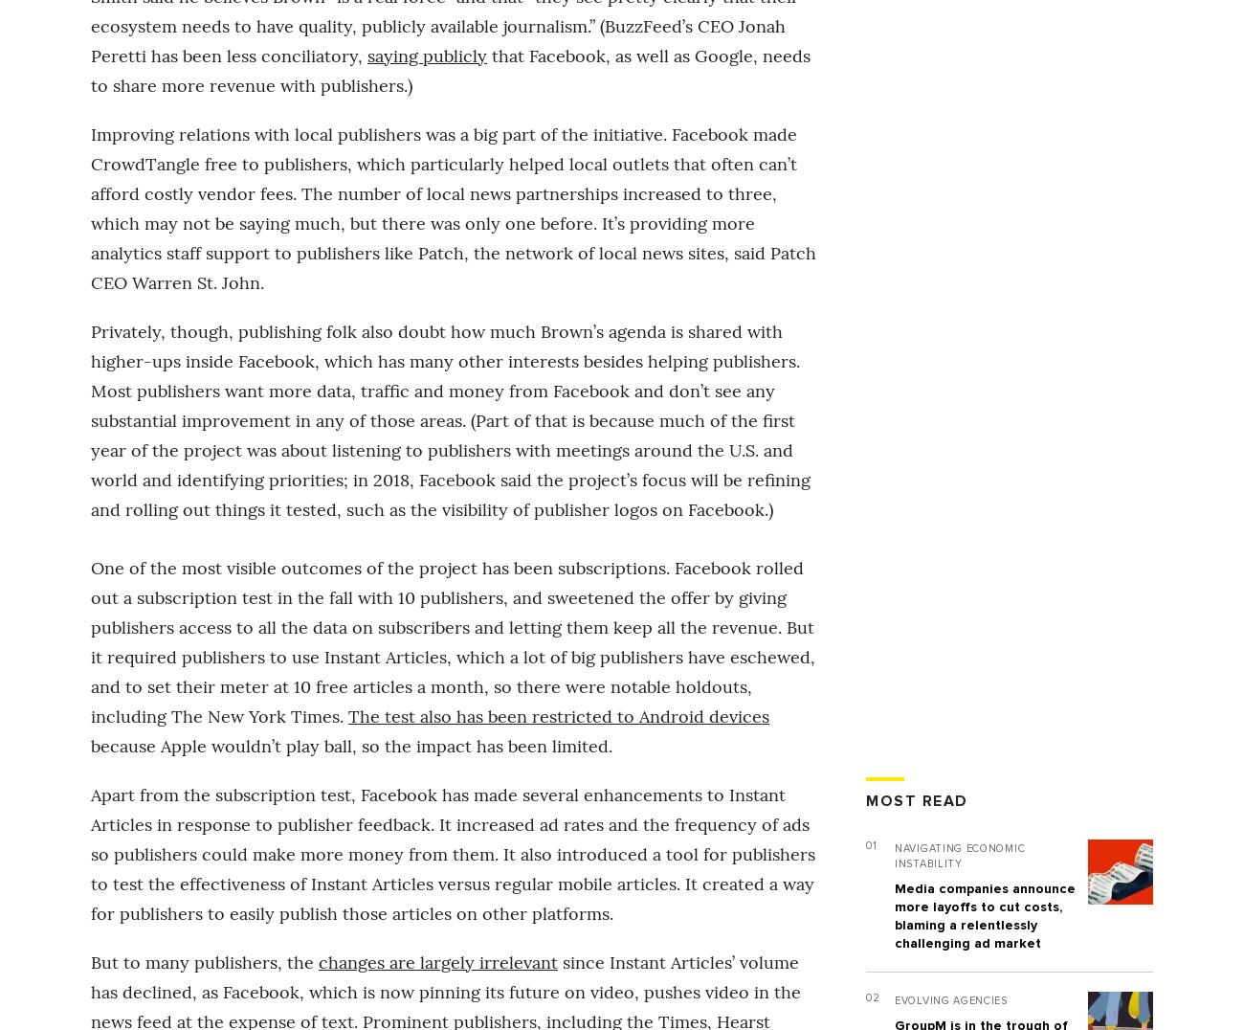 This screenshot has height=1030, width=1244. What do you see at coordinates (449, 419) in the screenshot?
I see `'Privately, though, publishing folk also doubt how much Brown’s agenda is shared with higher-ups inside Facebook, which has many other interests besides helping publishers. Most publishers want more data, traffic and money from Facebook and don’t see any substantial improvement in any of those areas. (Part of that is because much of the first year of the project was about listening to publishers with meetings around the U.S. and world and identifying priorities; in 2018, Facebook said the project’s focus will be refining and rolling out things it tested, such as the visibility of publisher logos on Facebook.)'` at bounding box center [449, 419].